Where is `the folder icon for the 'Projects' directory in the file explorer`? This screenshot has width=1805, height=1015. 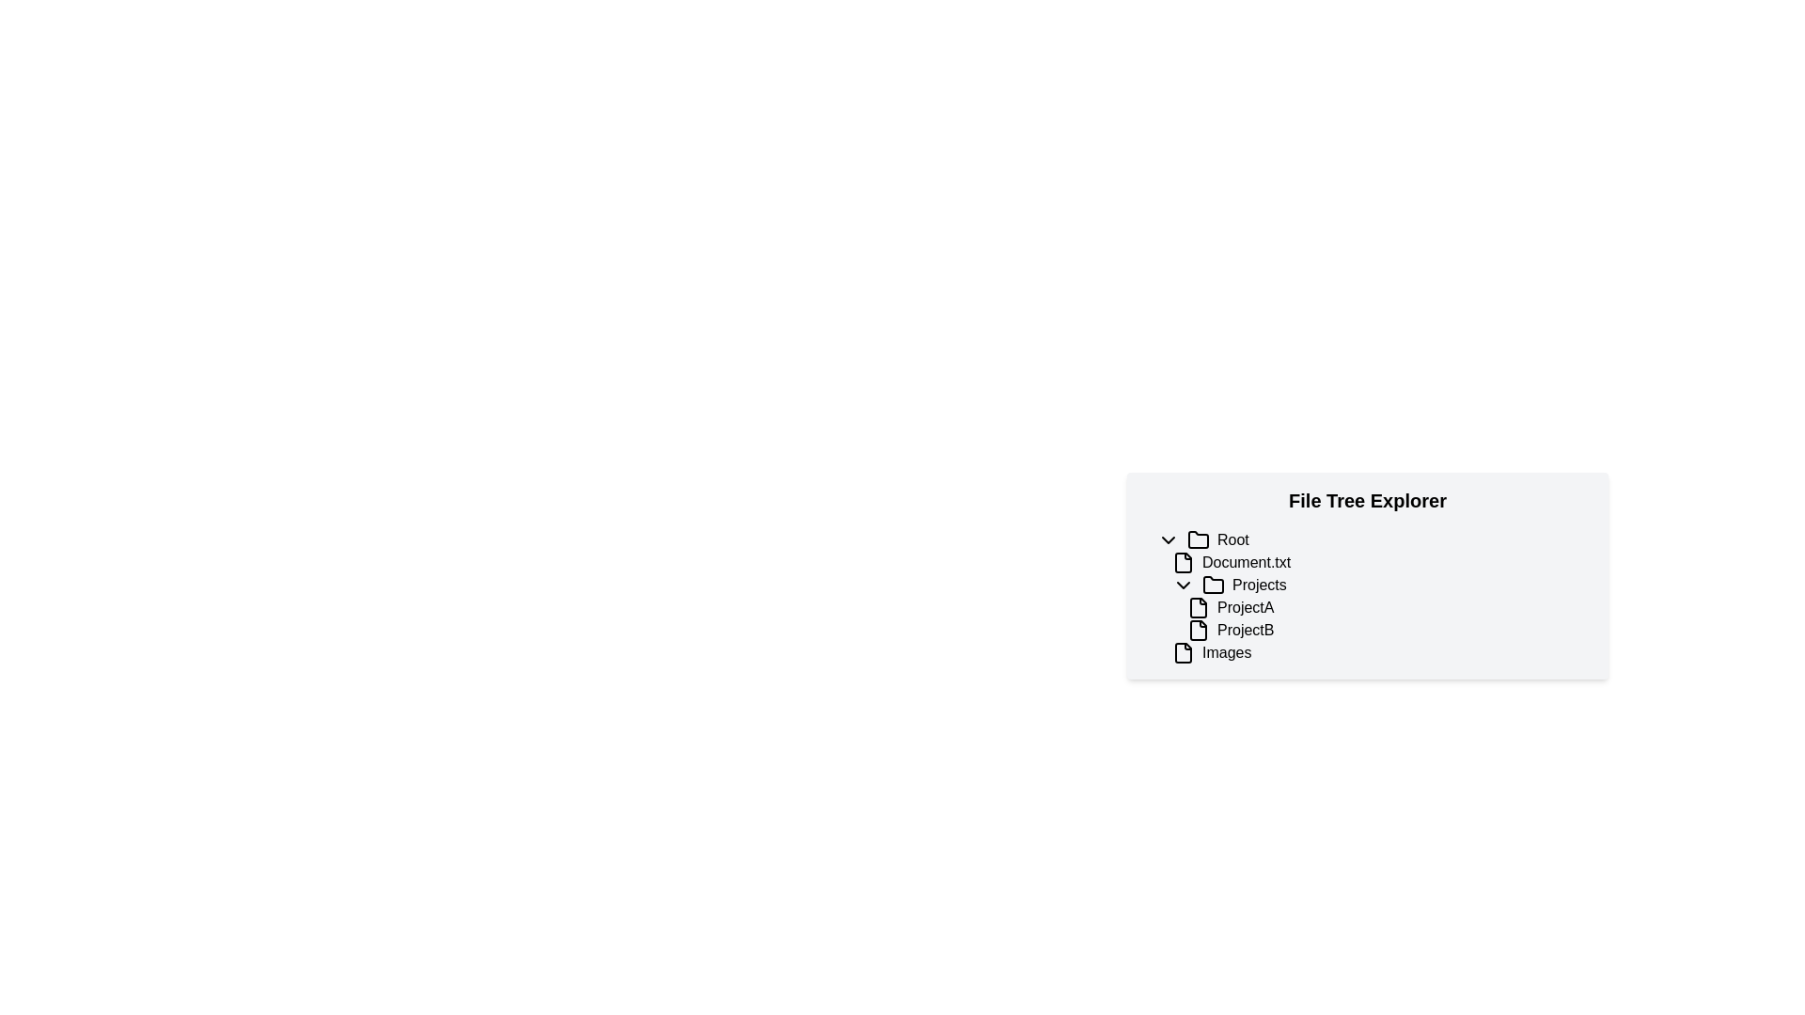
the folder icon for the 'Projects' directory in the file explorer is located at coordinates (1214, 584).